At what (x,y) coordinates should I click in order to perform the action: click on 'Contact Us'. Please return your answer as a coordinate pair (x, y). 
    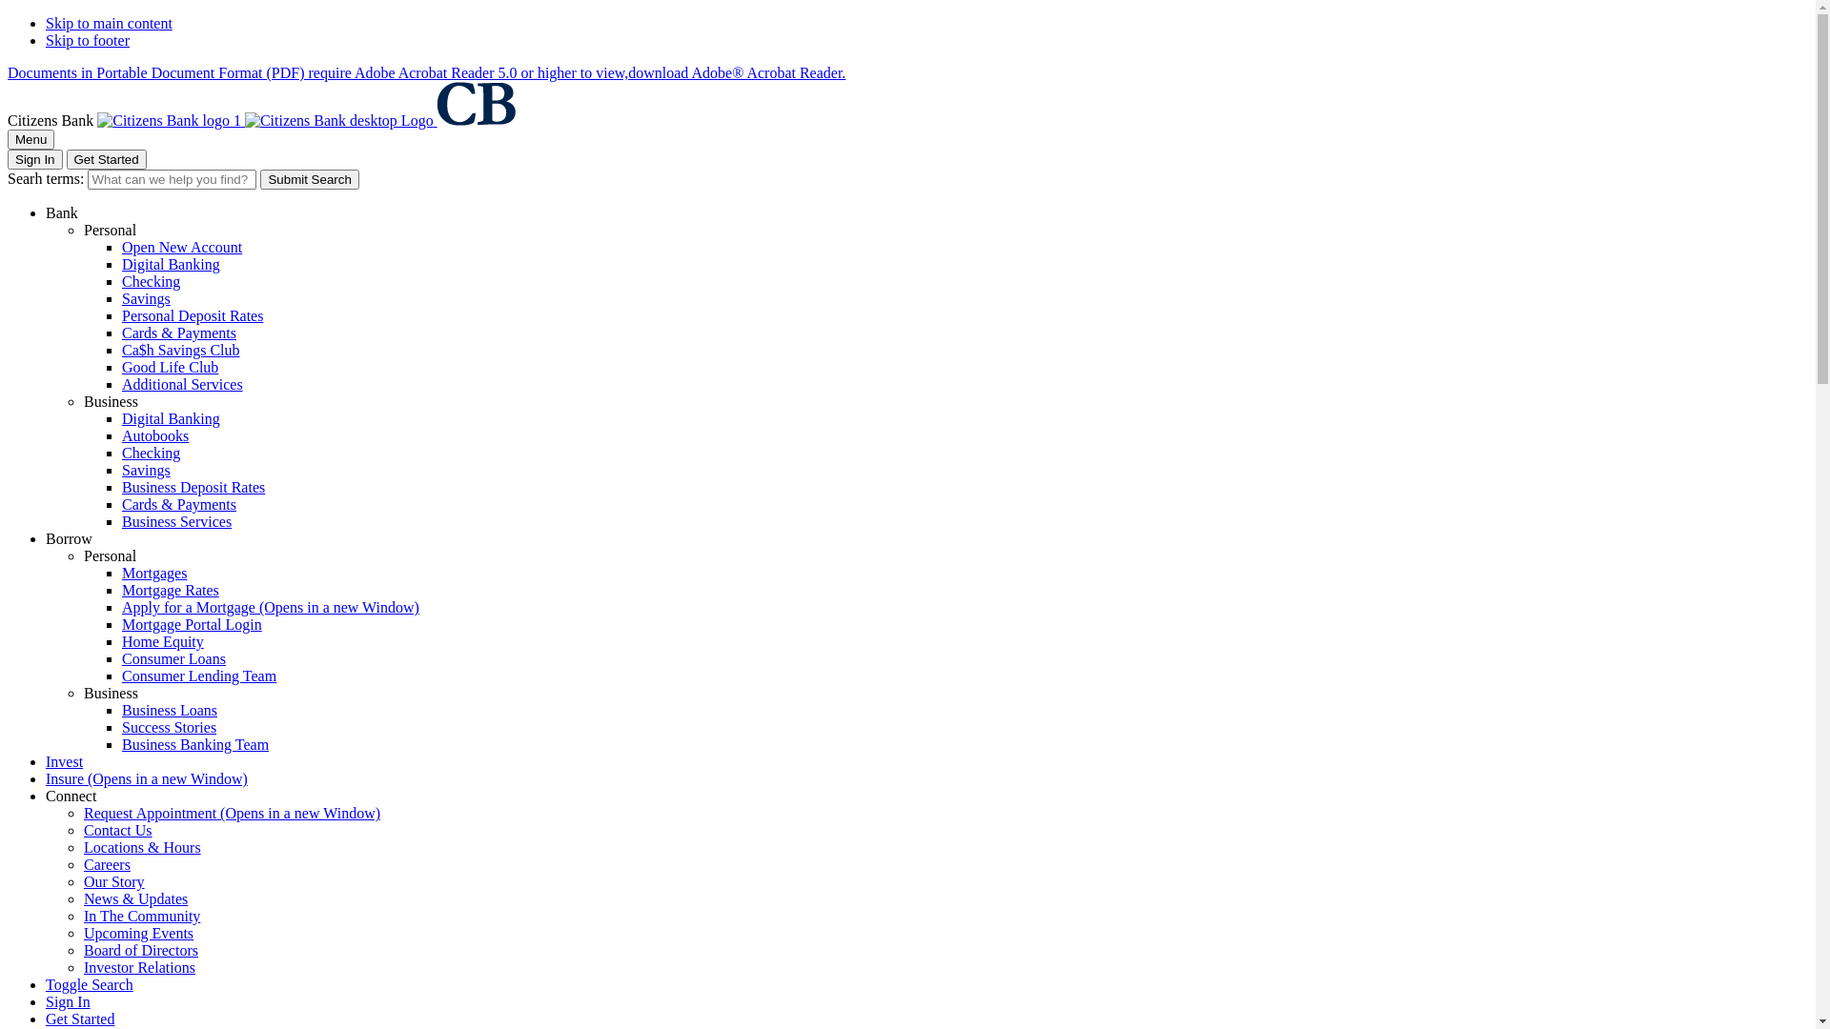
    Looking at the image, I should click on (117, 829).